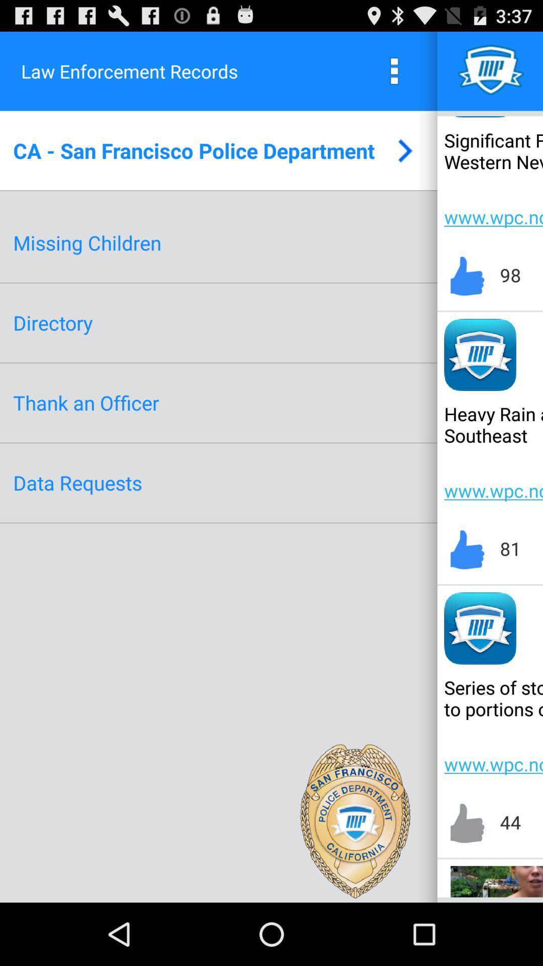 This screenshot has width=543, height=966. I want to click on icon below directory, so click(85, 403).